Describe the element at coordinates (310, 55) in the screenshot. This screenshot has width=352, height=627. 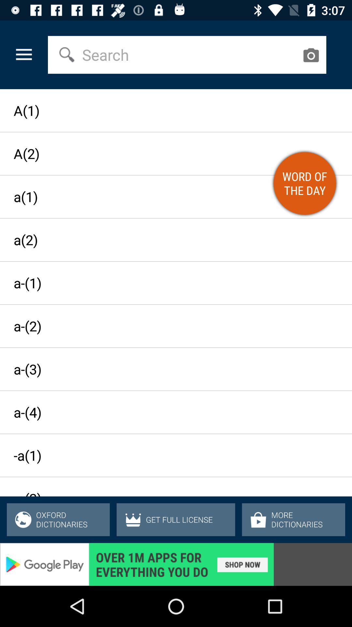
I see `search by photo` at that location.